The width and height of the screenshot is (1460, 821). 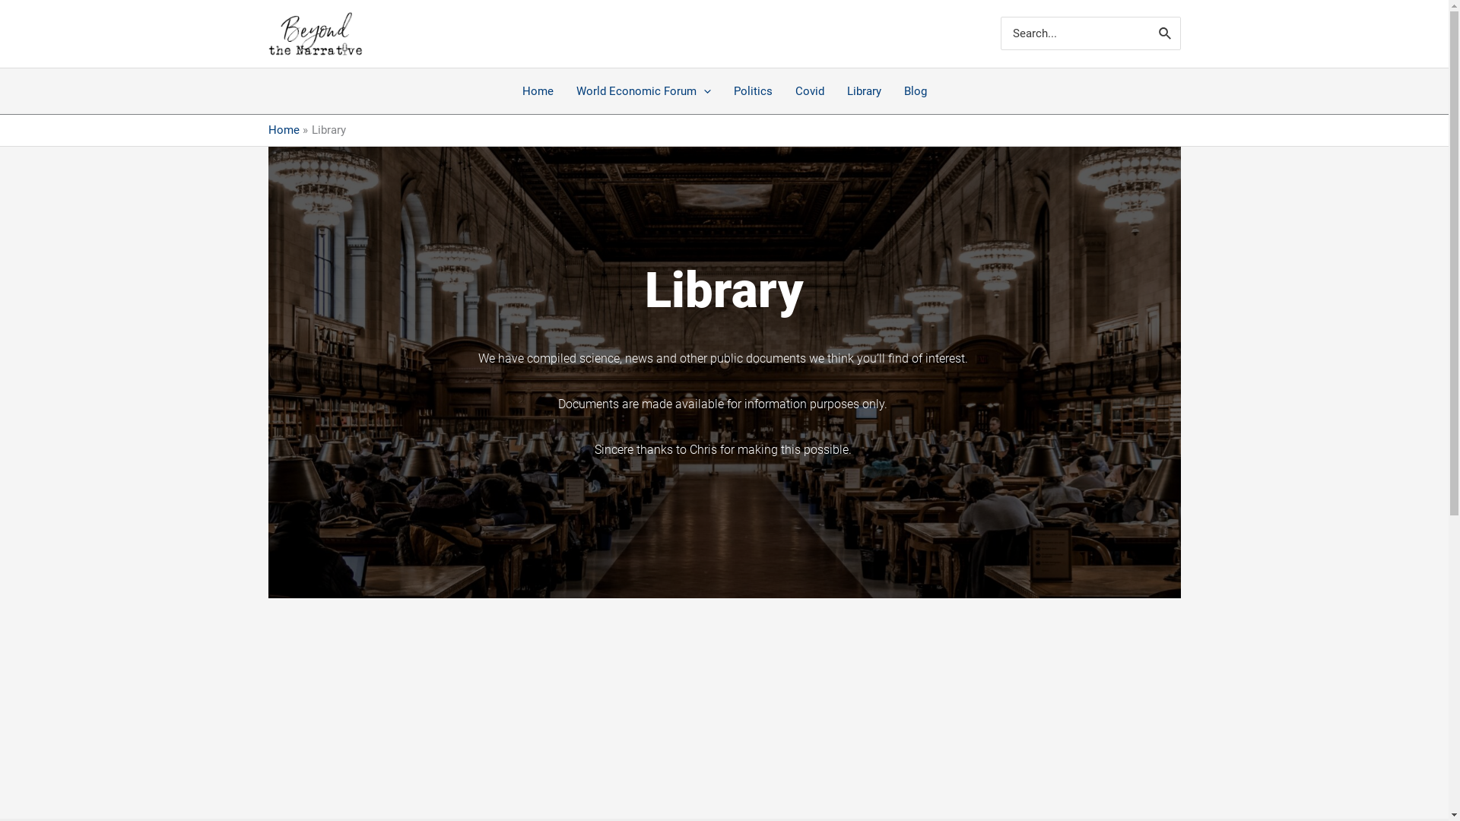 What do you see at coordinates (783, 90) in the screenshot?
I see `'Covid'` at bounding box center [783, 90].